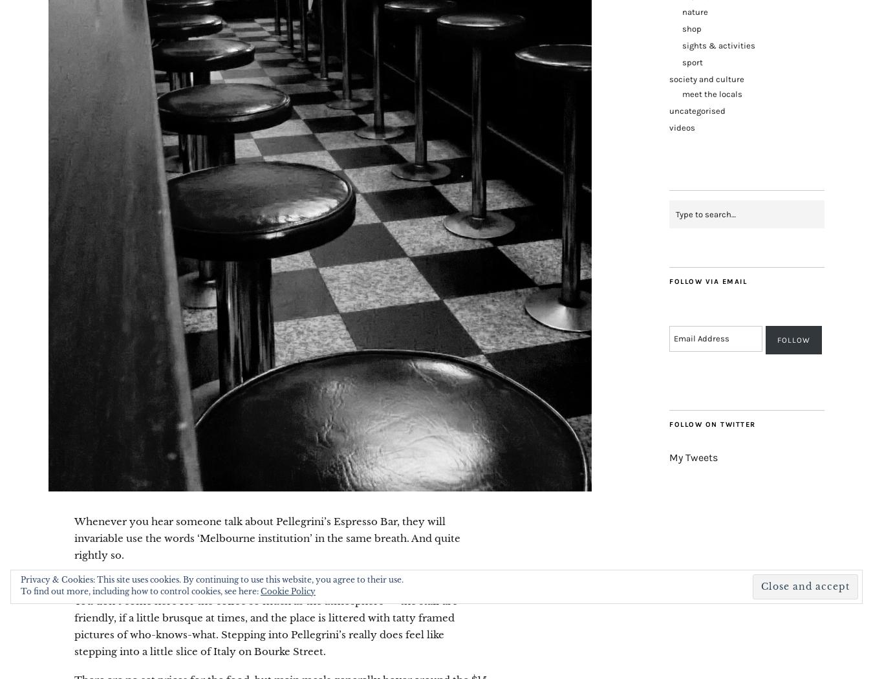 This screenshot has height=679, width=873. Describe the element at coordinates (682, 127) in the screenshot. I see `'videos'` at that location.